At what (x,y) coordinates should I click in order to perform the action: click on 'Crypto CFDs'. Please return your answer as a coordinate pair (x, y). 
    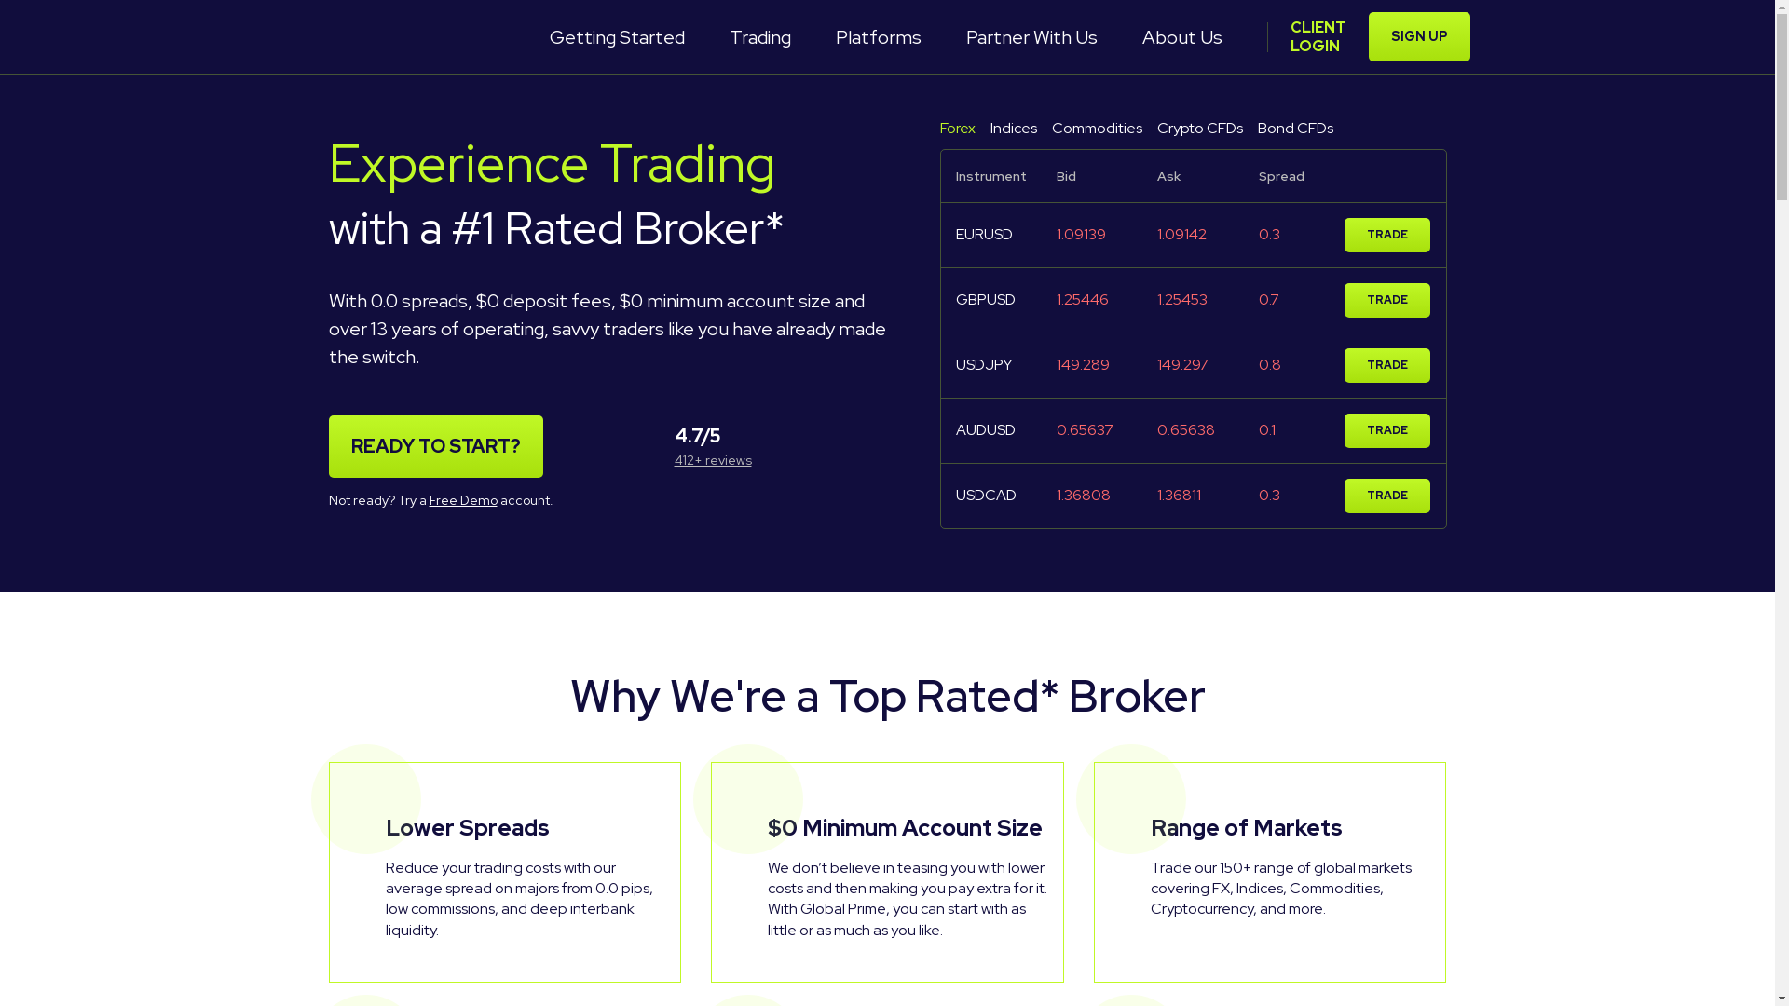
    Looking at the image, I should click on (1199, 128).